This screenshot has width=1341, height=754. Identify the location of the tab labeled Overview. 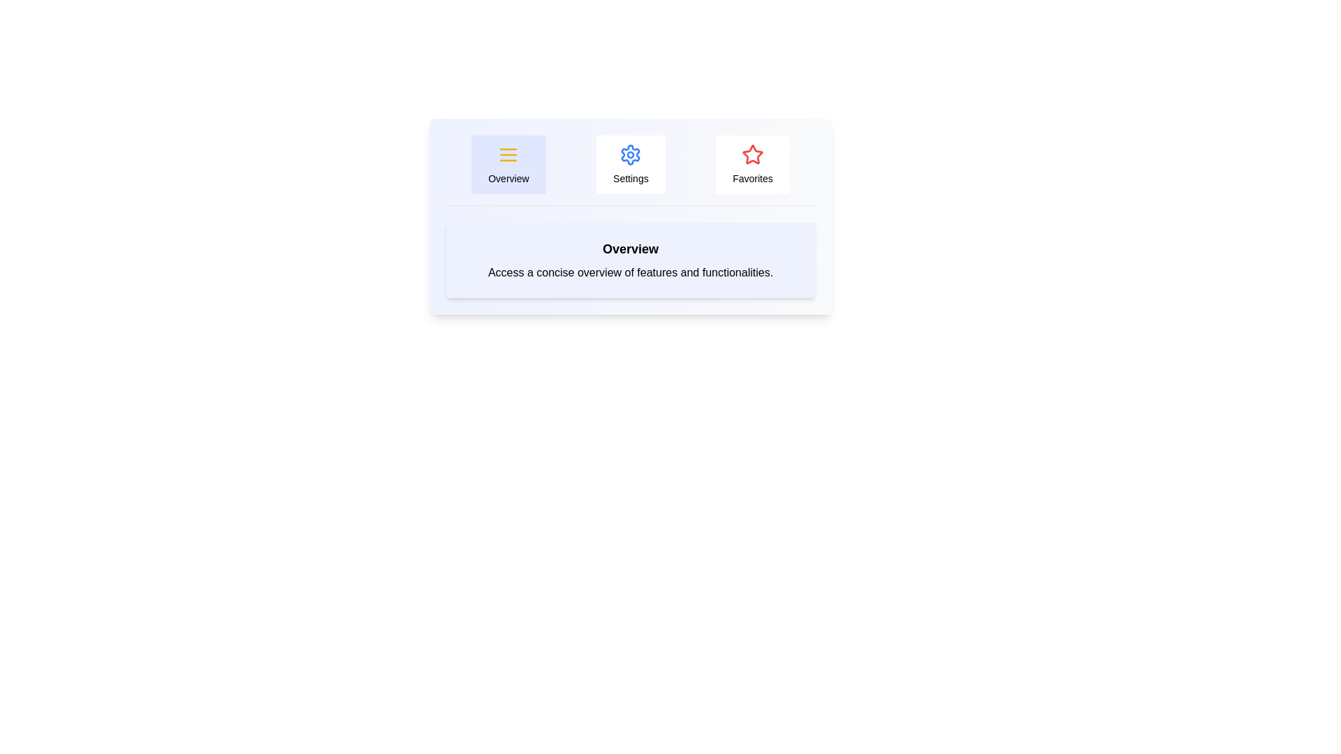
(508, 163).